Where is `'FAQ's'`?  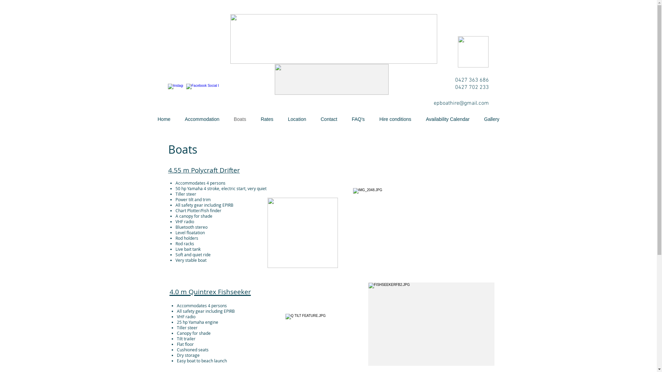 'FAQ's' is located at coordinates (344, 119).